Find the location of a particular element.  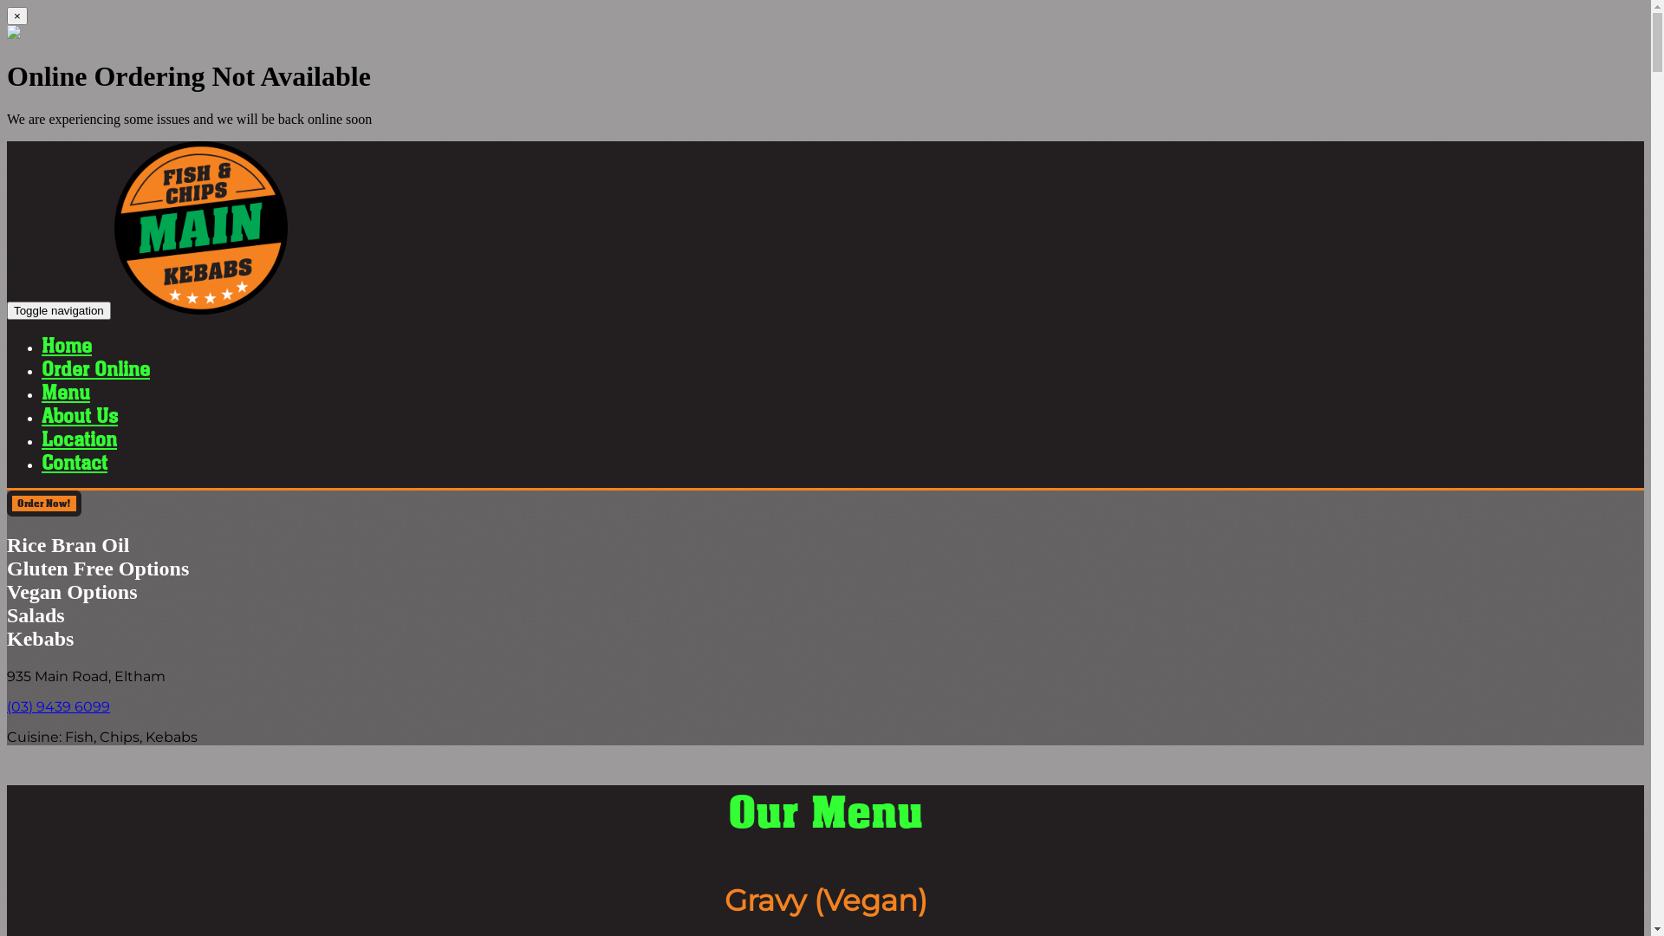

'Order Now!' is located at coordinates (7, 504).